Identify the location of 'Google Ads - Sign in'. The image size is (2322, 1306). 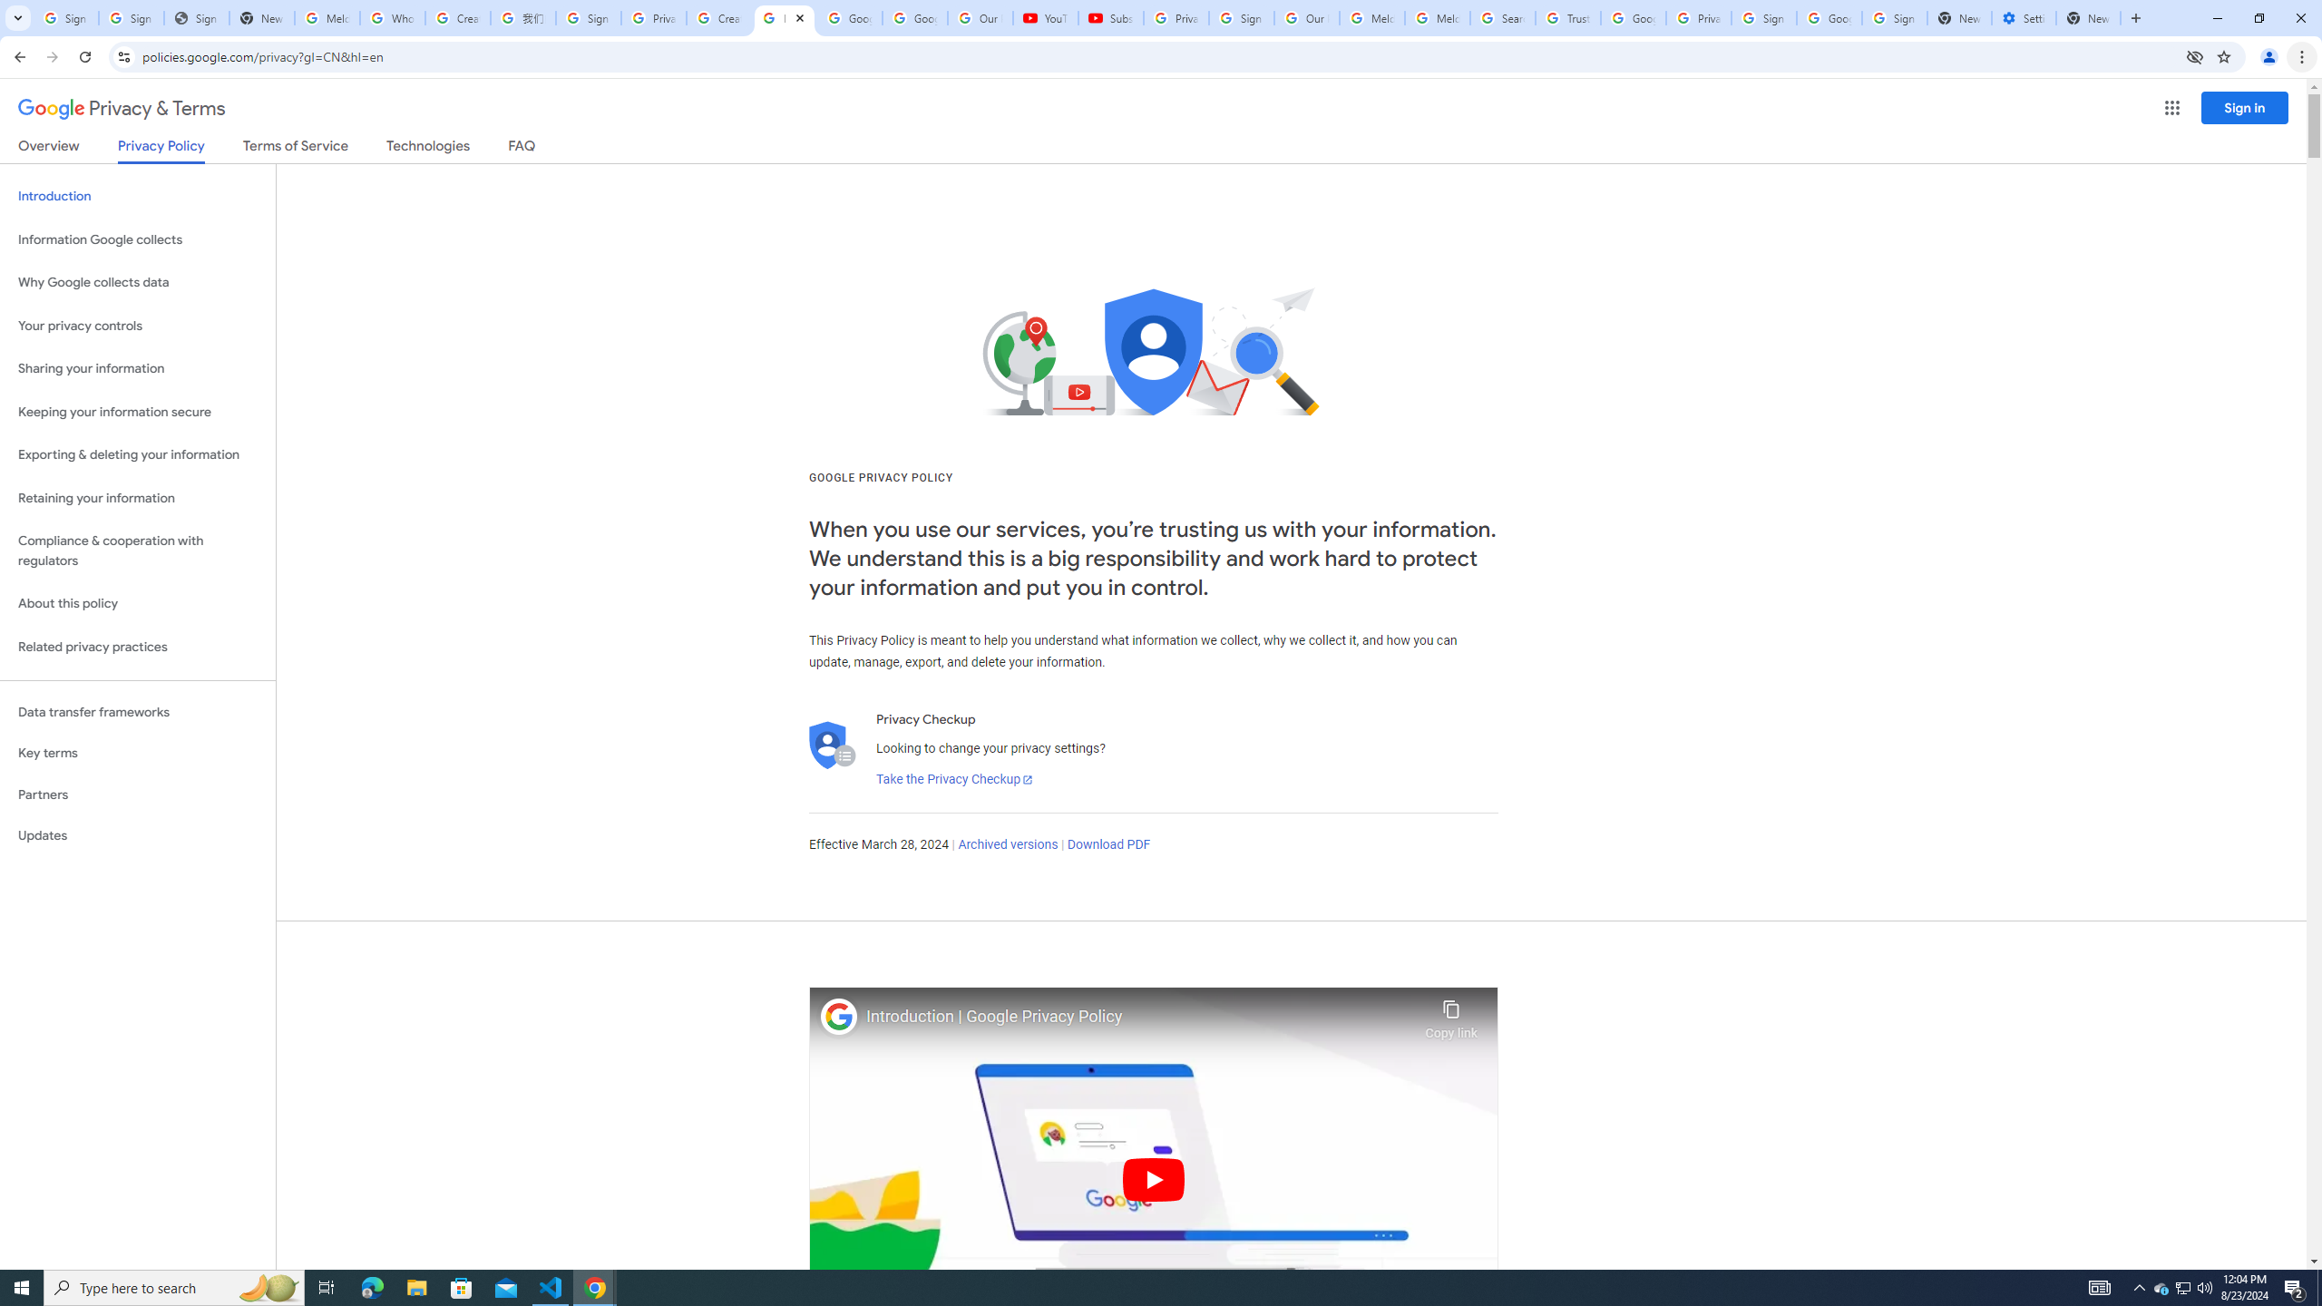
(1632, 17).